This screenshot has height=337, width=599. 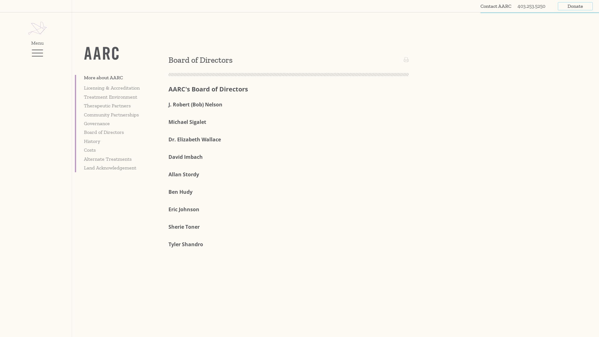 I want to click on 'History', so click(x=117, y=141).